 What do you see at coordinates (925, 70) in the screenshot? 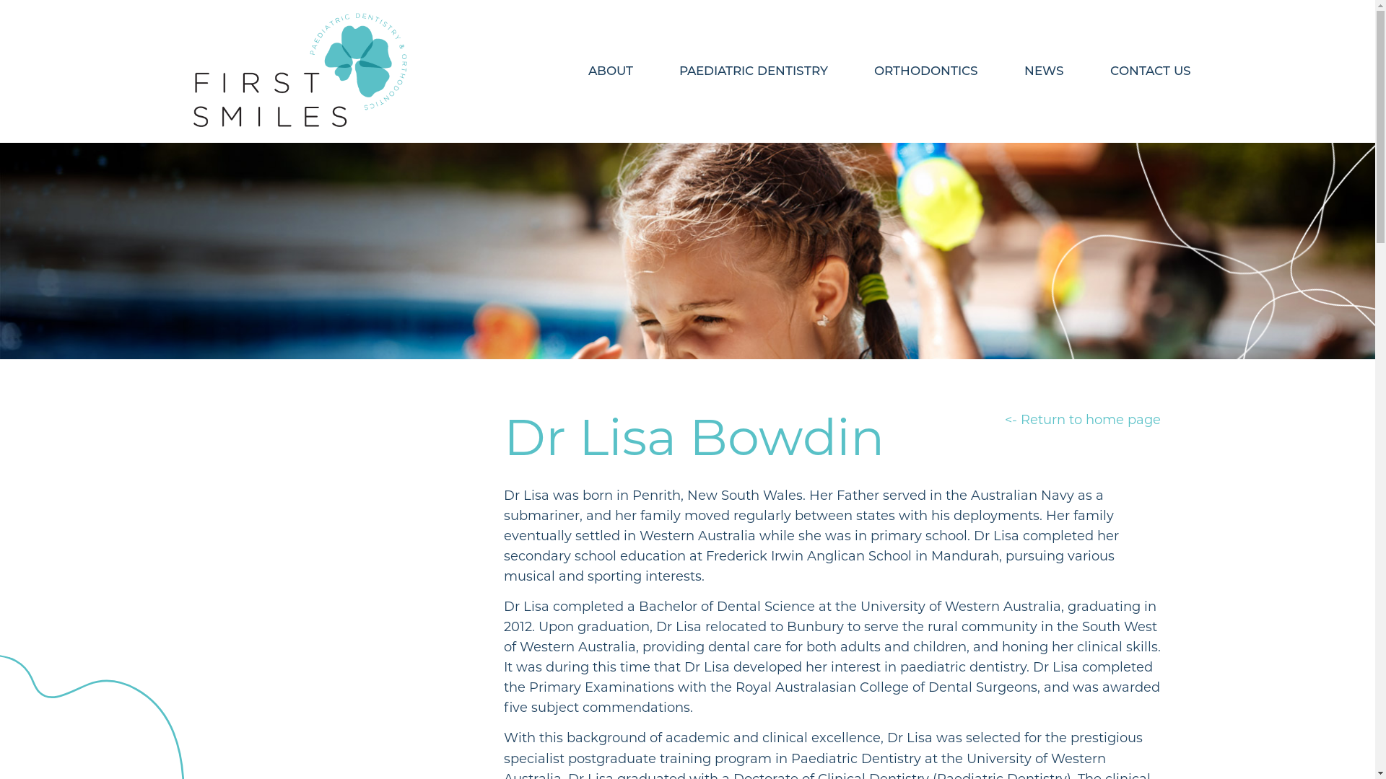
I see `'ORTHODONTICS'` at bounding box center [925, 70].